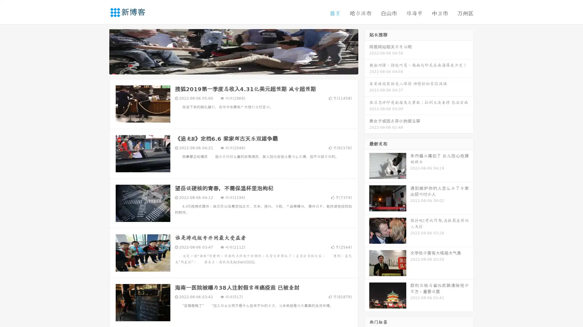 The width and height of the screenshot is (583, 327). Describe the element at coordinates (227, 68) in the screenshot. I see `Go to slide 1` at that location.